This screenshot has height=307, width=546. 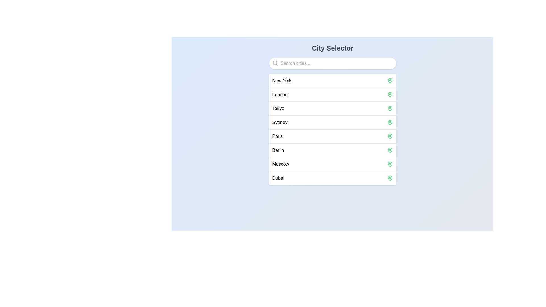 What do you see at coordinates (277, 136) in the screenshot?
I see `to select the text label displaying 'Paris', which is located in the fifth row of a vertically arranged list of city names` at bounding box center [277, 136].